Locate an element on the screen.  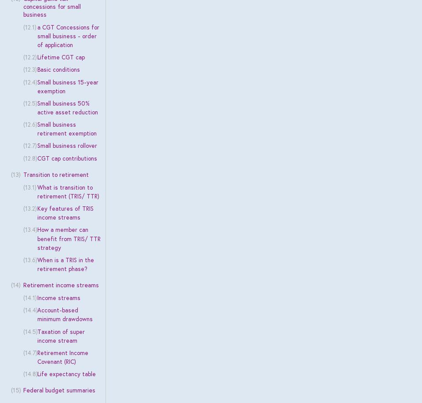
'(12.8)' is located at coordinates (29, 158).